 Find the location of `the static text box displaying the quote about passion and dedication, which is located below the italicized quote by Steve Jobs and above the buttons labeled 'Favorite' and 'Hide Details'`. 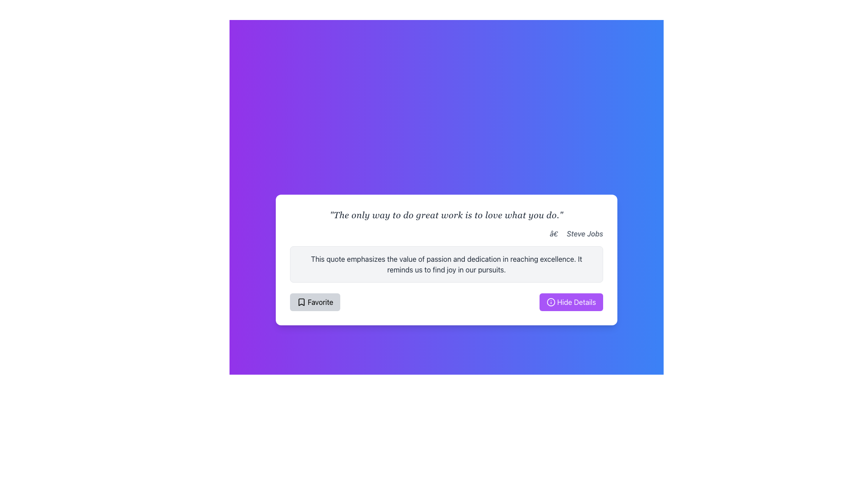

the static text box displaying the quote about passion and dedication, which is located below the italicized quote by Steve Jobs and above the buttons labeled 'Favorite' and 'Hide Details' is located at coordinates (446, 264).